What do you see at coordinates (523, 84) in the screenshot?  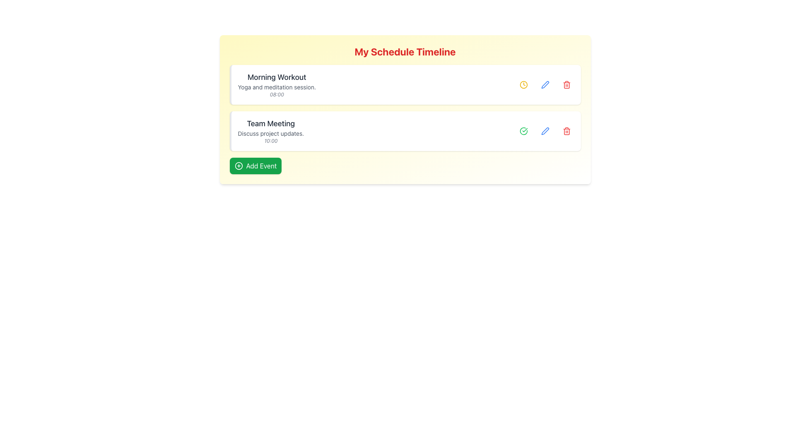 I see `the outer circular boundary of the clock icon in the 'Morning Workout' schedule card, located in the right-center section under the schedule timeline heading` at bounding box center [523, 84].